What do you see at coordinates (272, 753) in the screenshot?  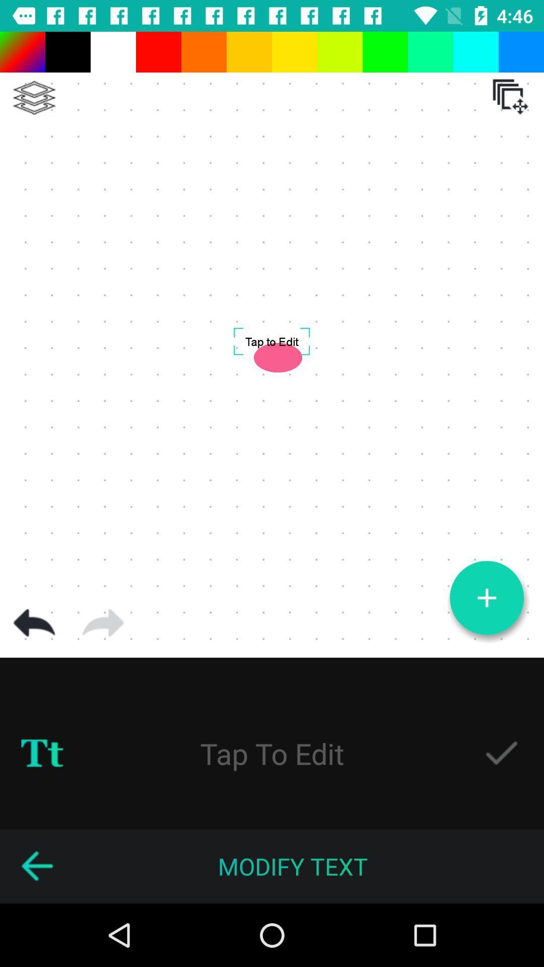 I see `edi start` at bounding box center [272, 753].